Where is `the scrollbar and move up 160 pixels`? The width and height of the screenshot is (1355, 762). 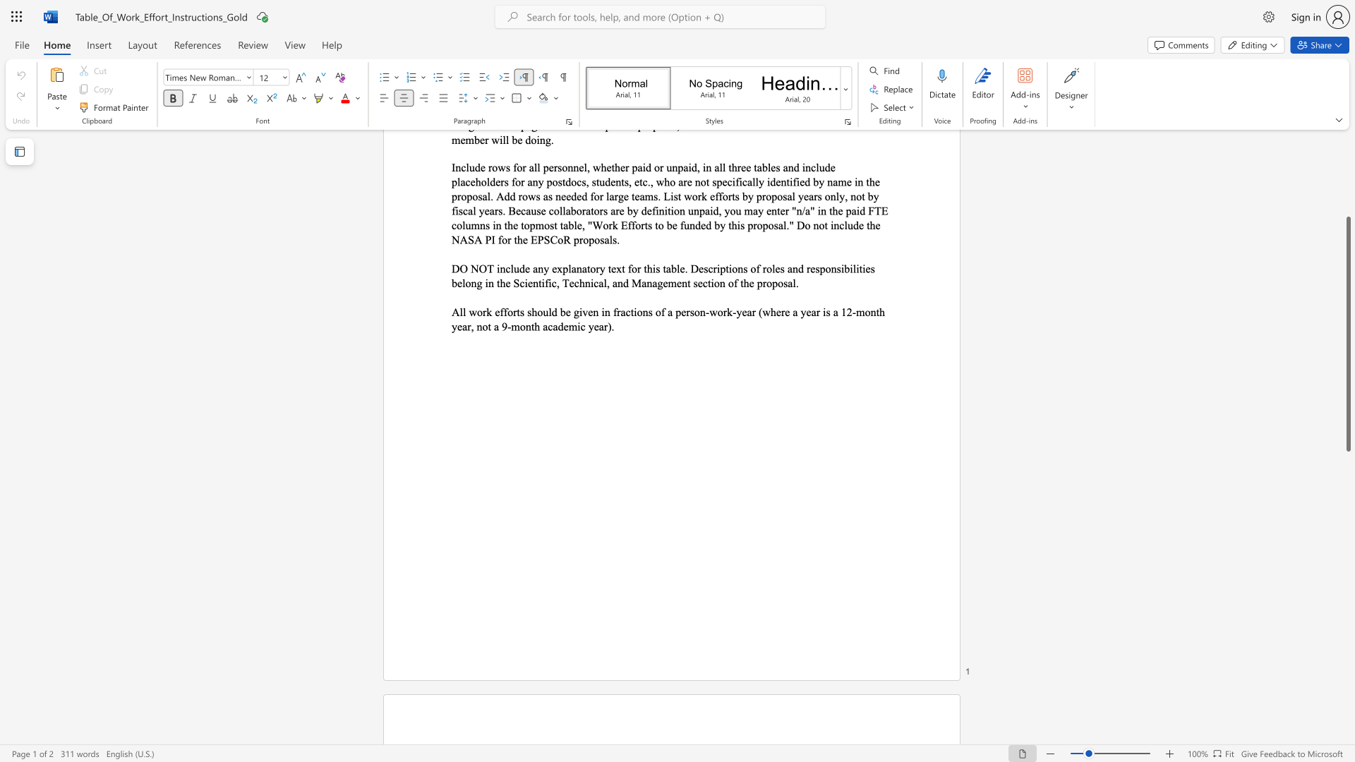 the scrollbar and move up 160 pixels is located at coordinates (1347, 334).